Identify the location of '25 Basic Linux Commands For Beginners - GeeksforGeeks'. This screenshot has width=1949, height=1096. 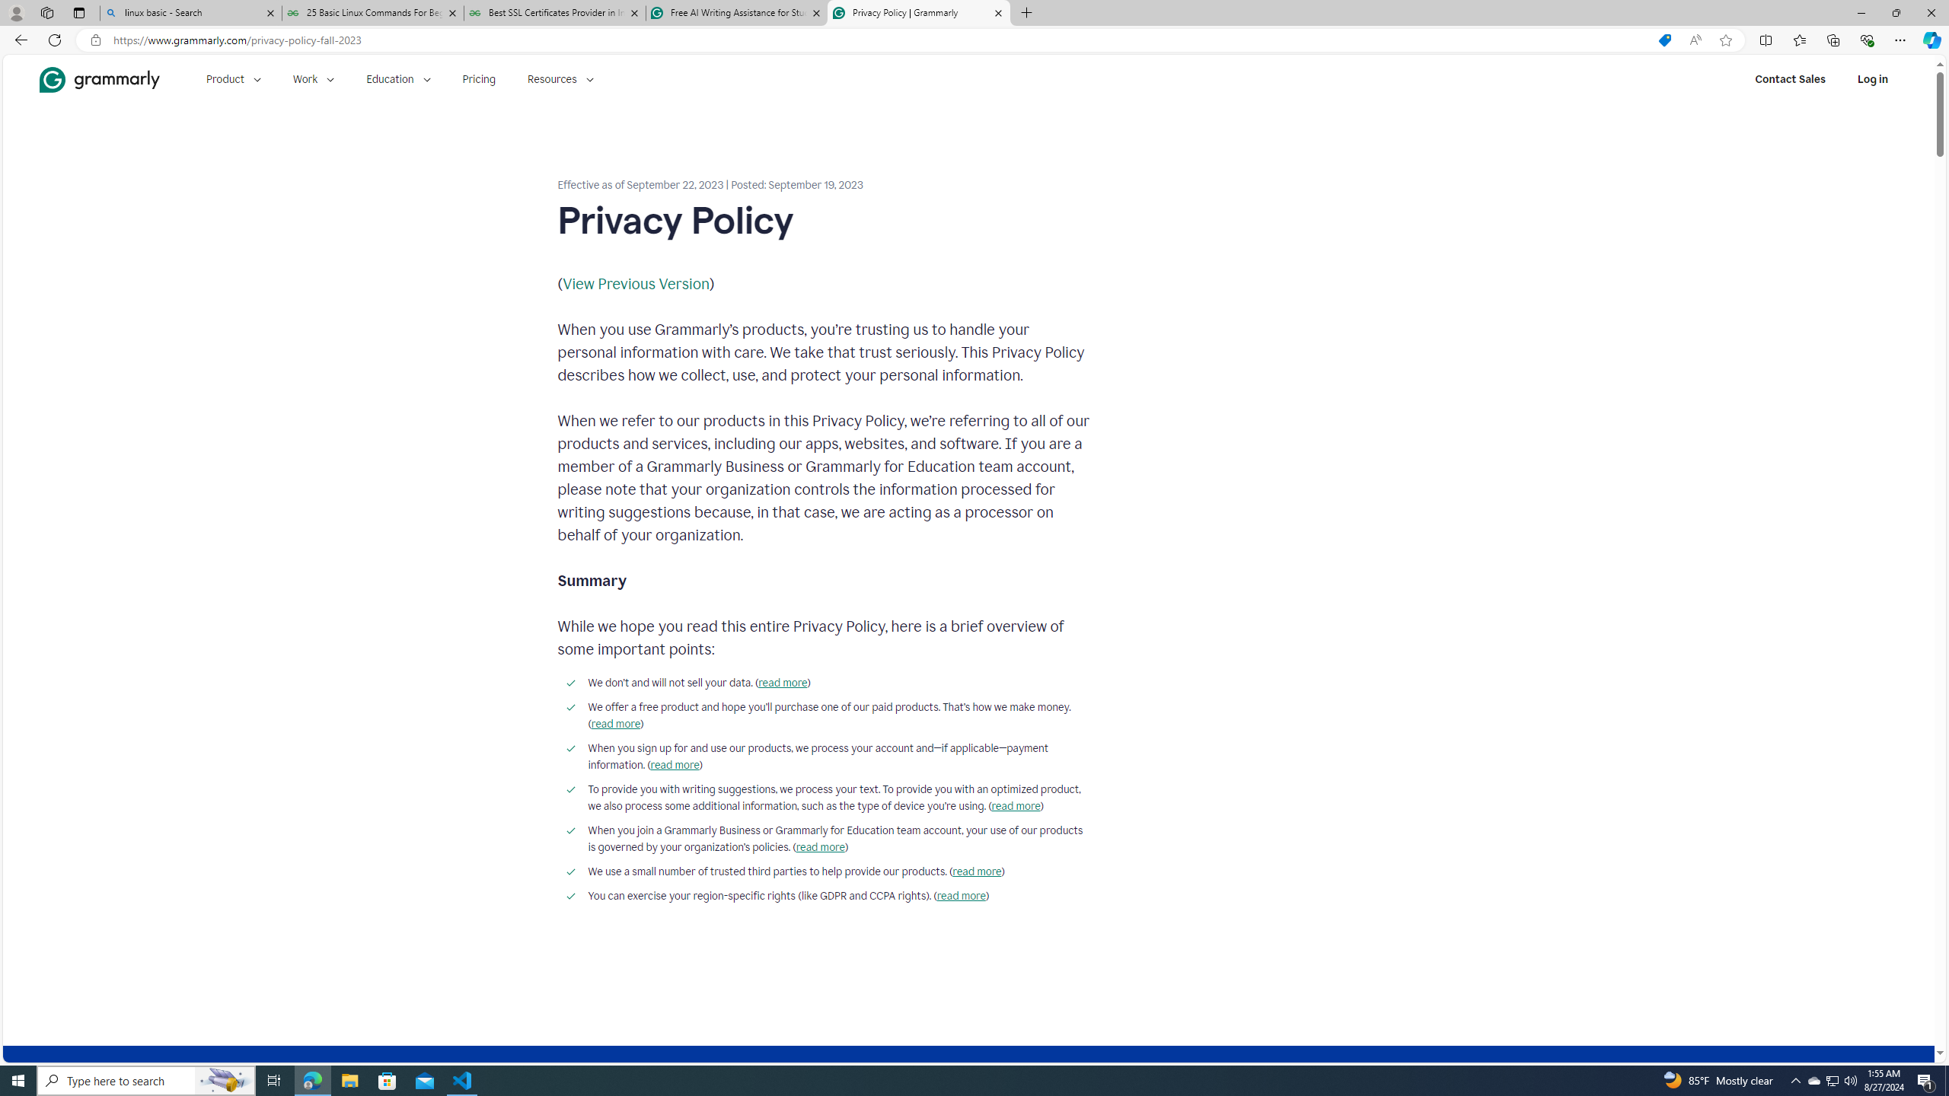
(372, 12).